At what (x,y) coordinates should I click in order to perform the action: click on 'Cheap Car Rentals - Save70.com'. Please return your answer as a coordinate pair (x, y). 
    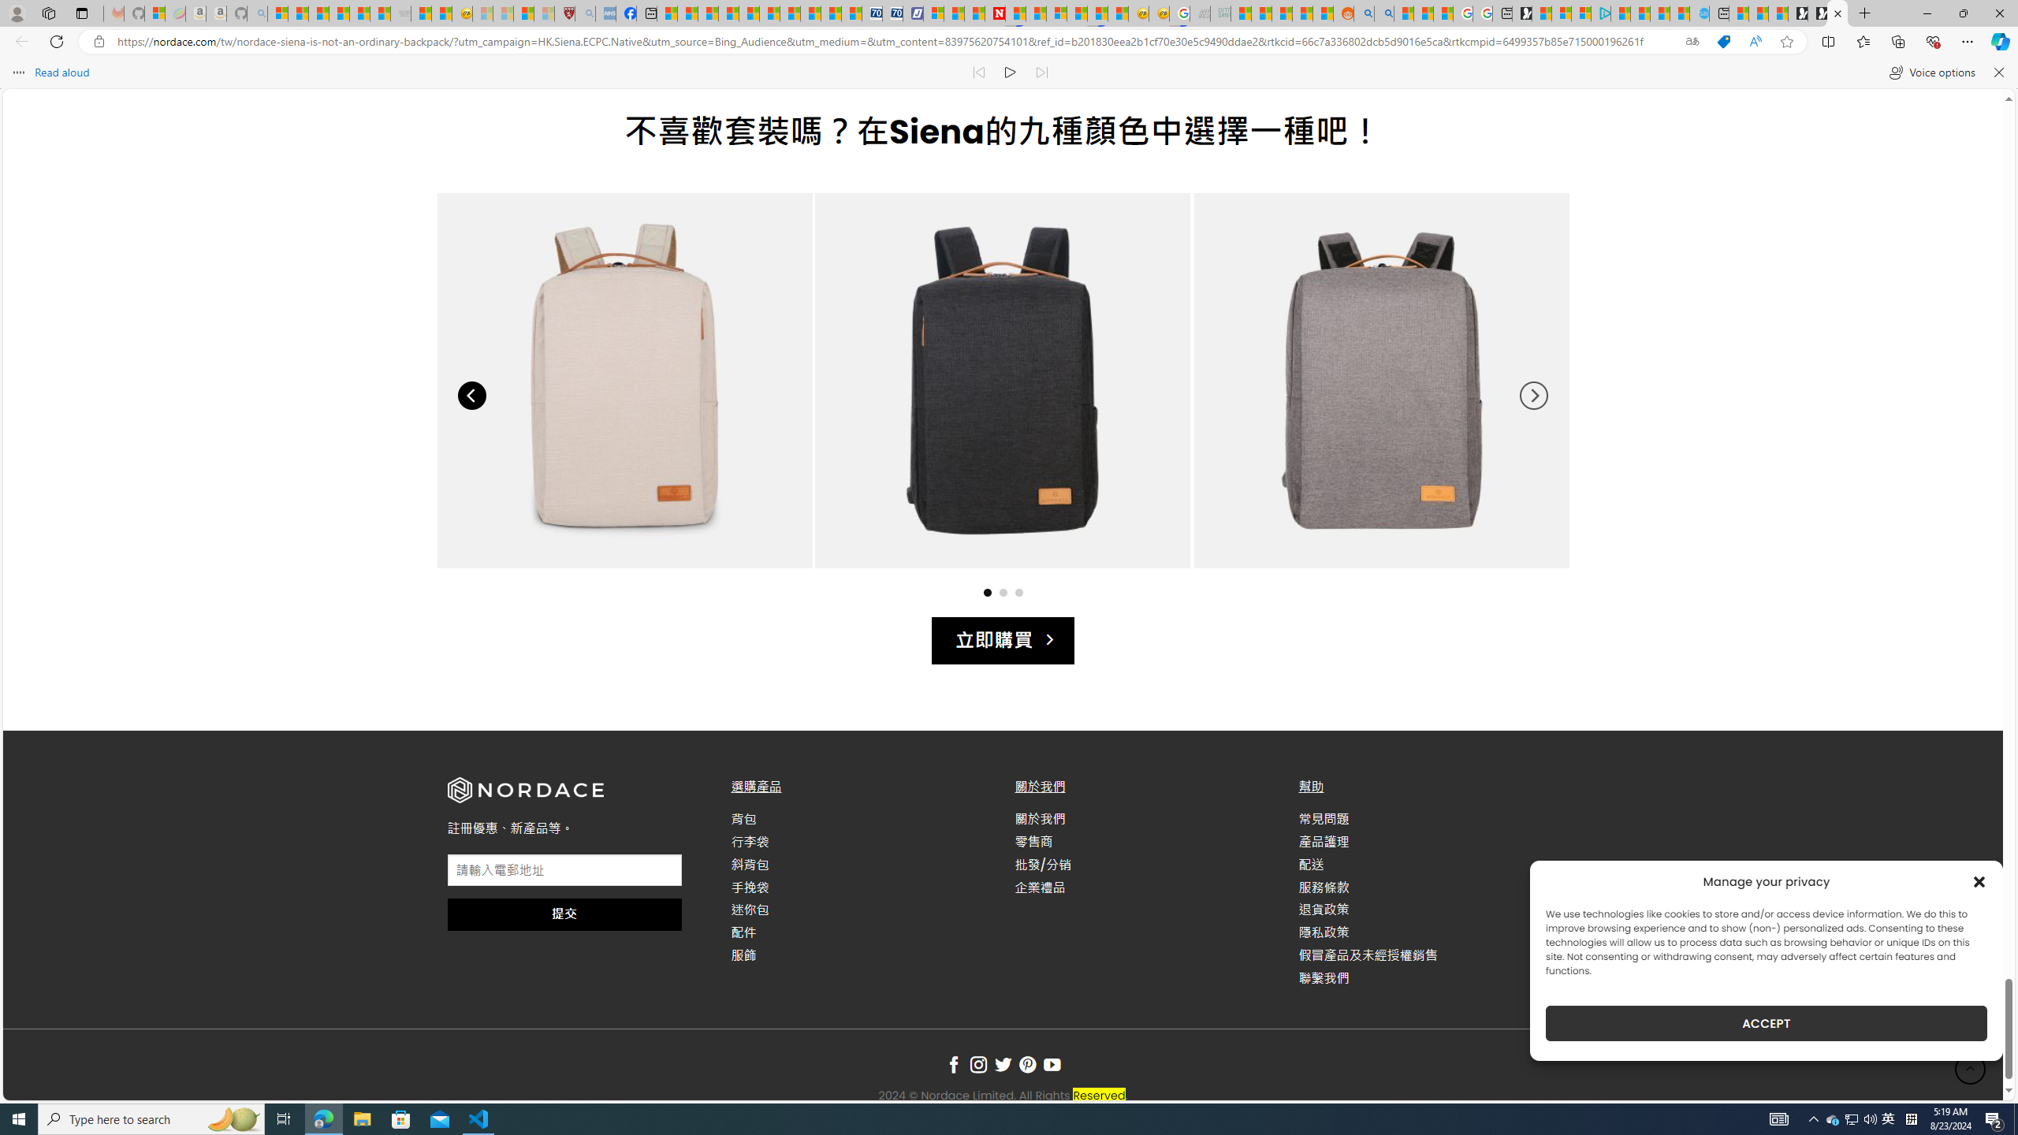
    Looking at the image, I should click on (872, 13).